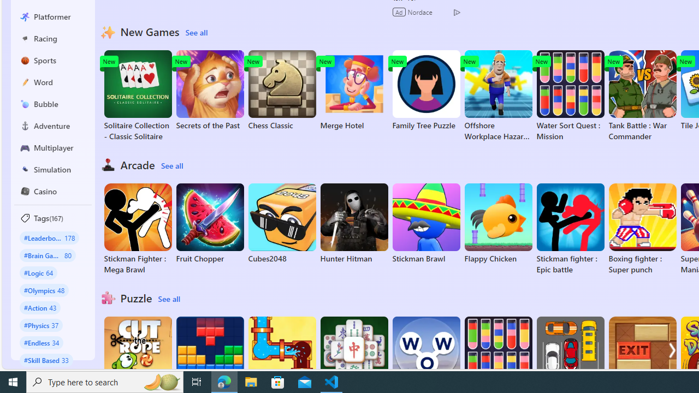  What do you see at coordinates (137, 229) in the screenshot?
I see `'Stickman Fighter : Mega Brawl'` at bounding box center [137, 229].